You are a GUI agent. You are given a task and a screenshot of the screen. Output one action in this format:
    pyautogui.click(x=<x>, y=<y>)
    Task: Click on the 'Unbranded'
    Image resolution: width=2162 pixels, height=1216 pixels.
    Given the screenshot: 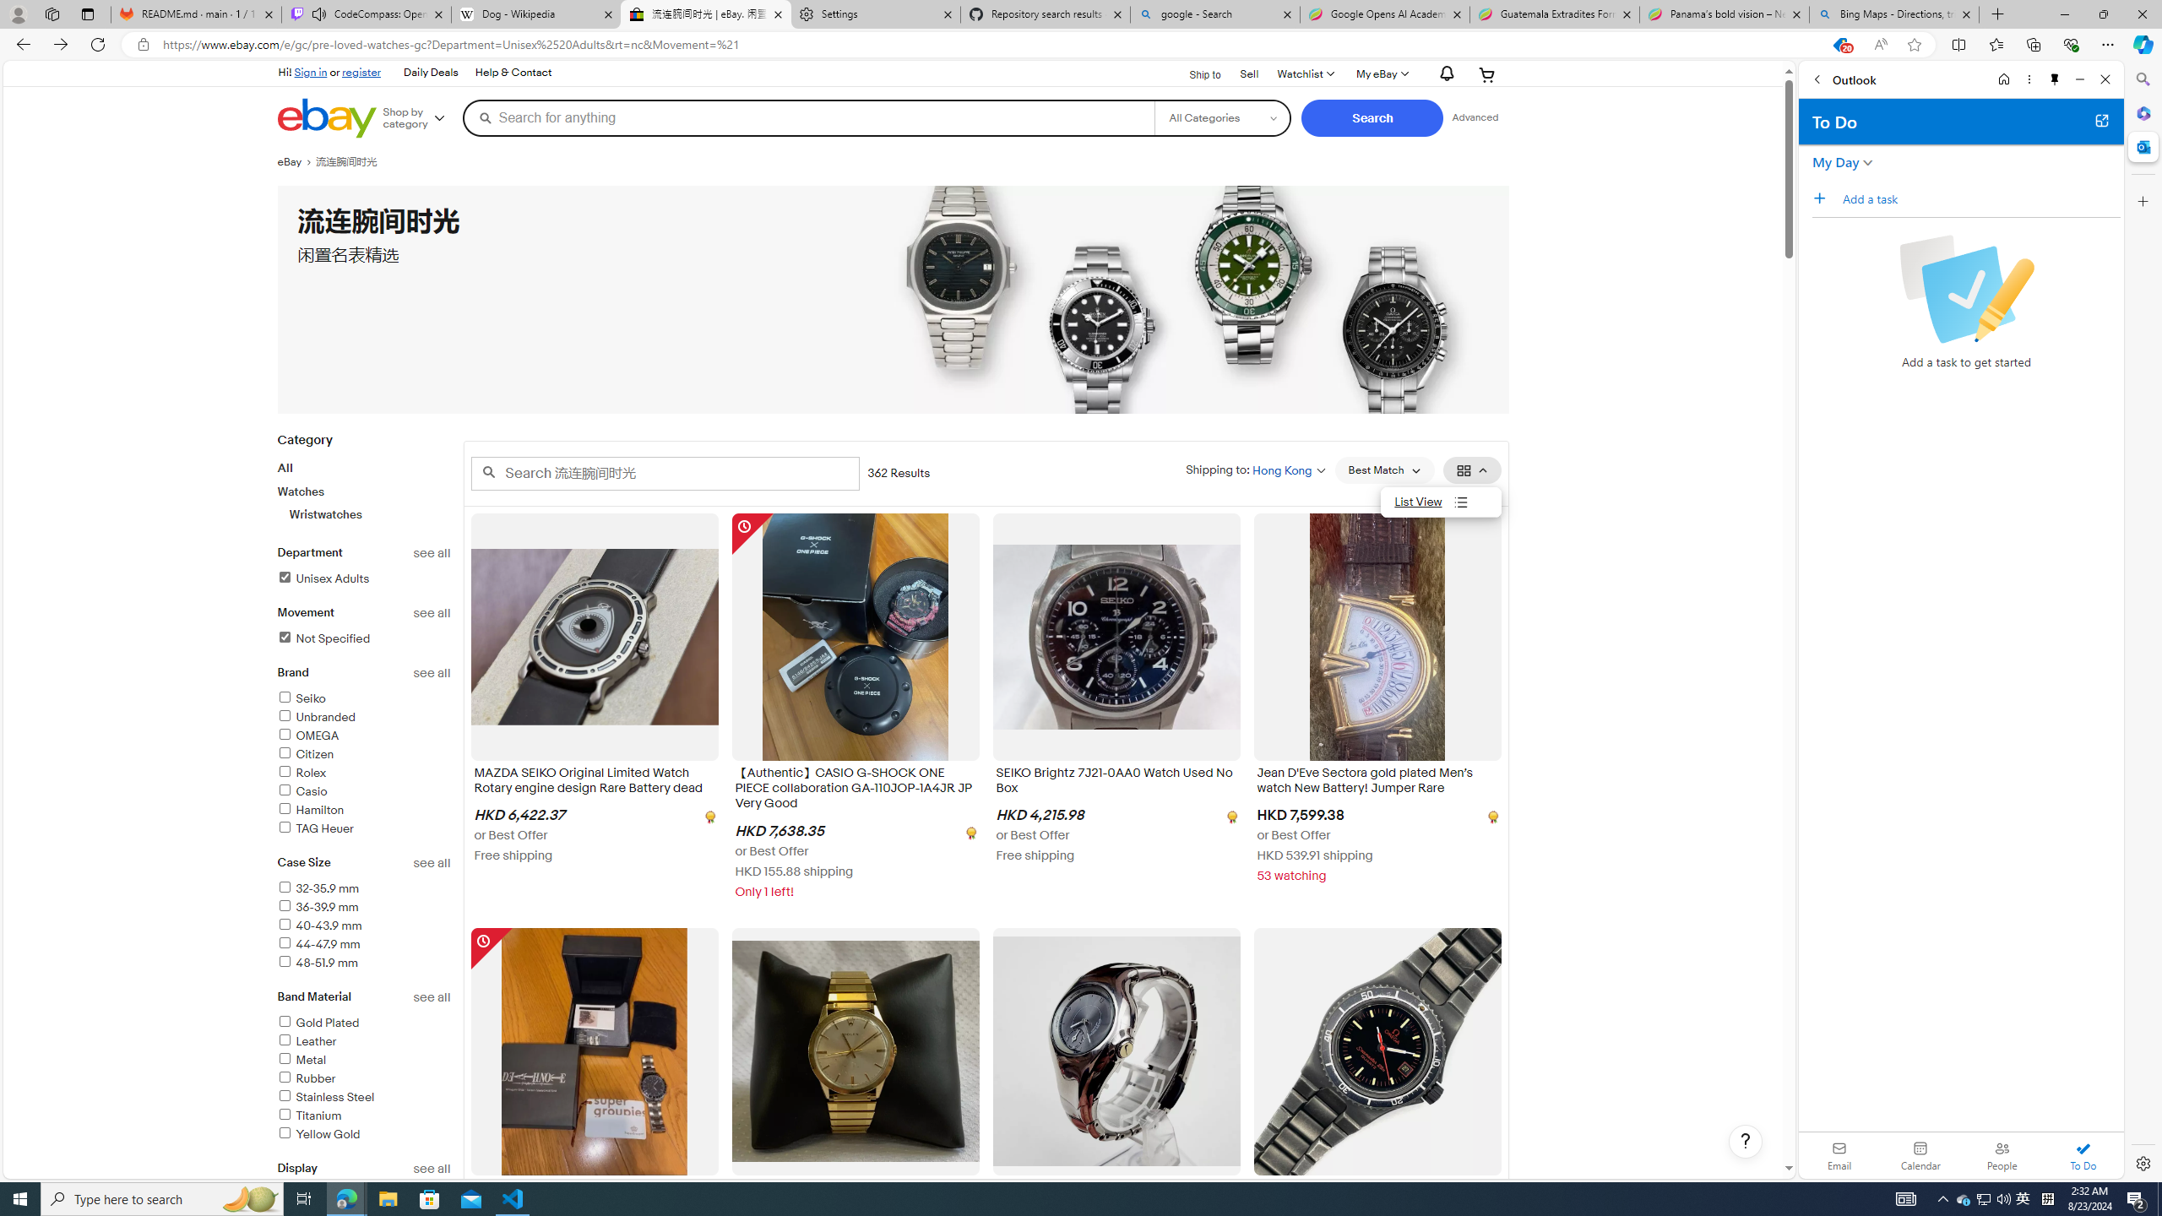 What is the action you would take?
    pyautogui.click(x=364, y=718)
    